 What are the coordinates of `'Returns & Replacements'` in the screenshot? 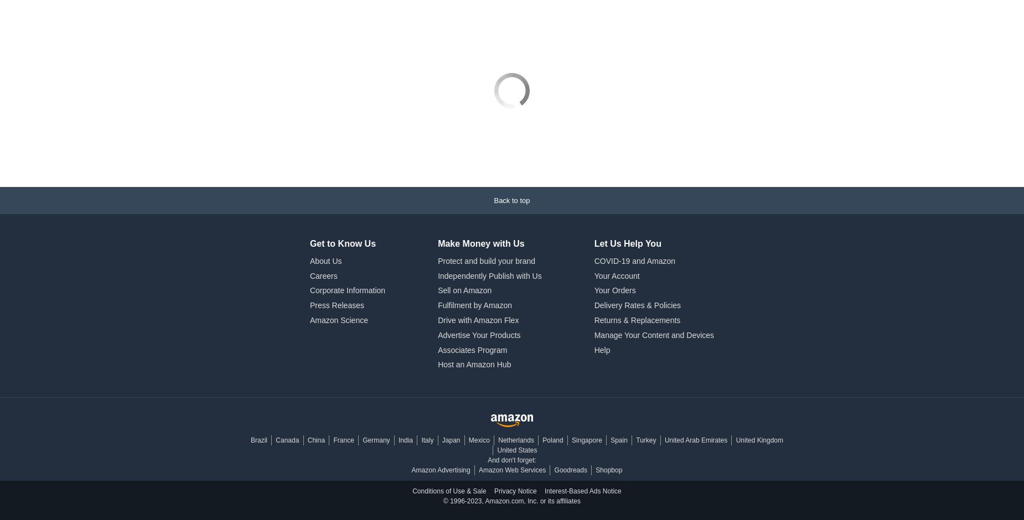 It's located at (637, 257).